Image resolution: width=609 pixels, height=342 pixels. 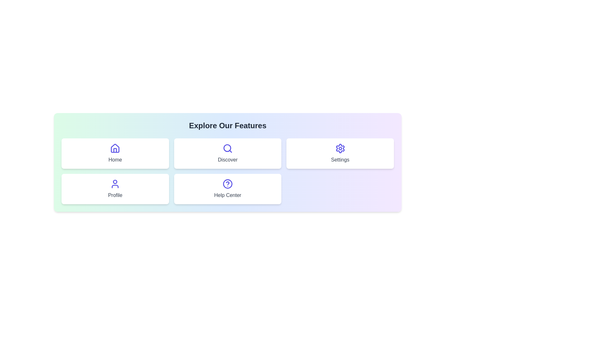 What do you see at coordinates (228, 160) in the screenshot?
I see `the 'Discover' text label which is styled in gray and is located below a magnifying glass icon in the second column of the first row in the grid layout` at bounding box center [228, 160].